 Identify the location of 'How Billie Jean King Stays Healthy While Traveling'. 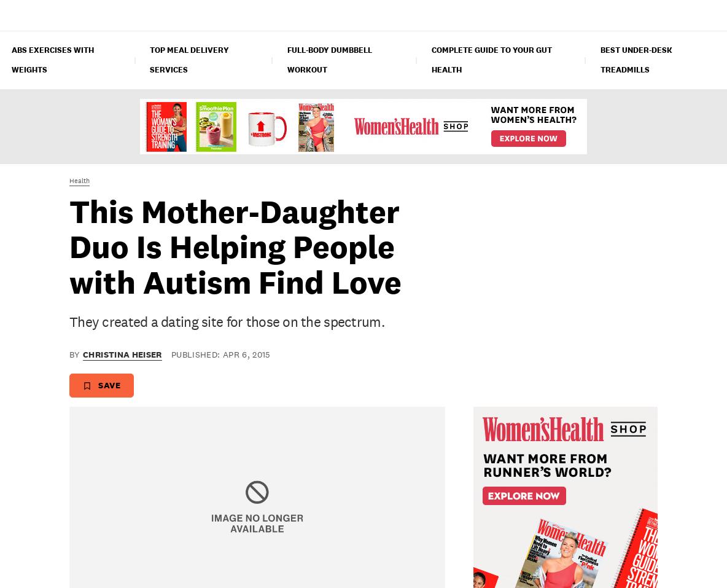
(447, 552).